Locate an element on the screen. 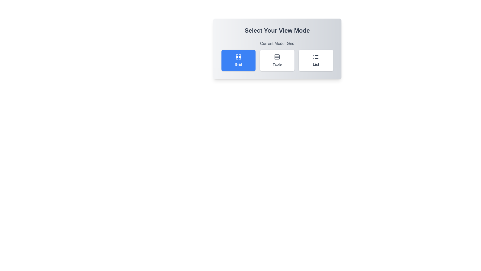 The height and width of the screenshot is (271, 481). the text label representing the 'List' view mode option in the selection interface is located at coordinates (316, 64).